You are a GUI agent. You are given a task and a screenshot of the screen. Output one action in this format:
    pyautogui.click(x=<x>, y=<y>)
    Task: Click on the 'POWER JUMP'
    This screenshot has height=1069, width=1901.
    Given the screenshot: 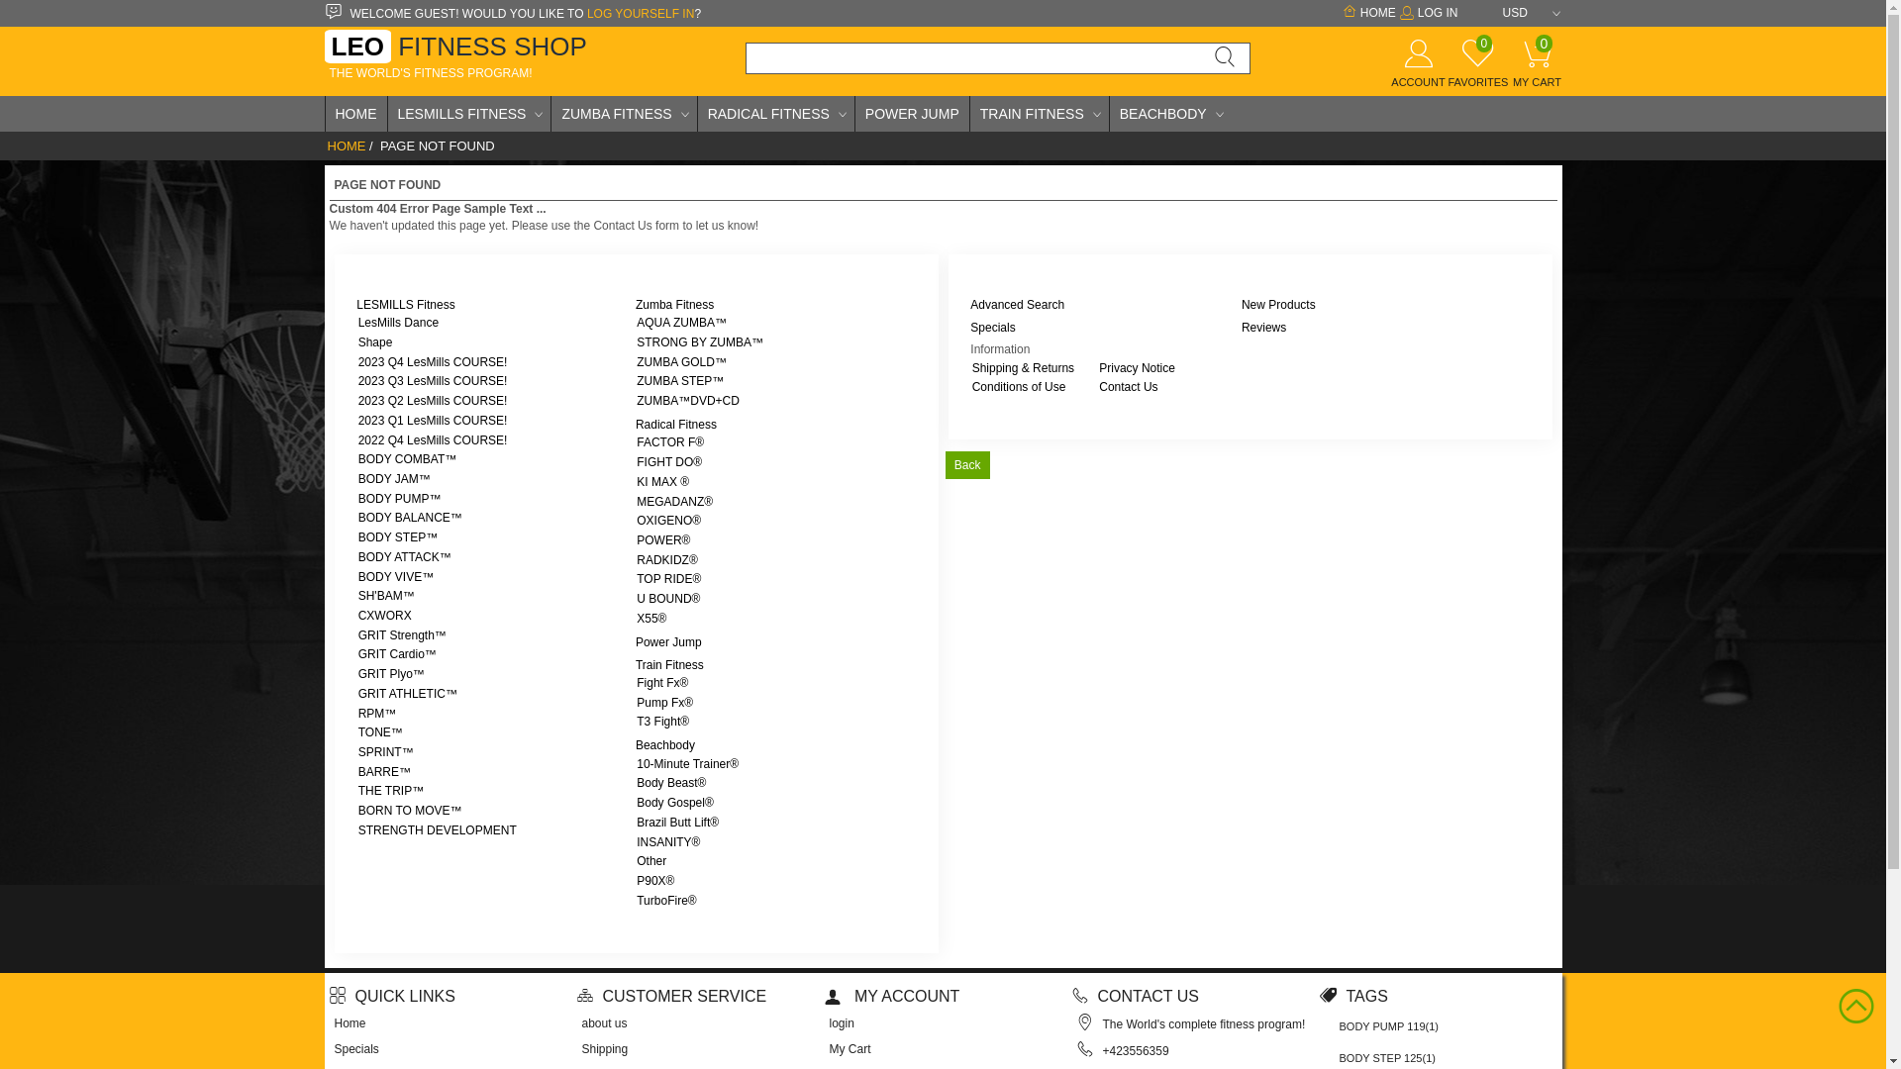 What is the action you would take?
    pyautogui.click(x=911, y=114)
    